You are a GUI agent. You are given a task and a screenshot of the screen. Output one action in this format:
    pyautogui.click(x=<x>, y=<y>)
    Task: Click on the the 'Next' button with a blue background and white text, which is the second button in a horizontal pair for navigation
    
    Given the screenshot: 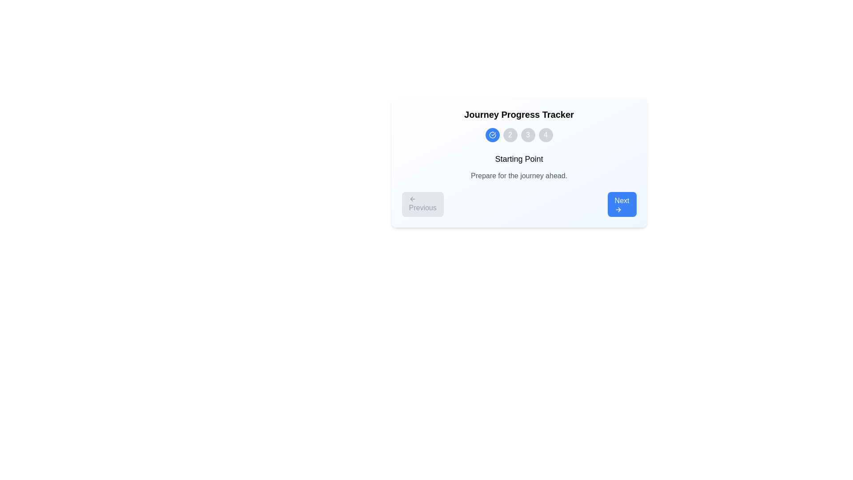 What is the action you would take?
    pyautogui.click(x=622, y=204)
    